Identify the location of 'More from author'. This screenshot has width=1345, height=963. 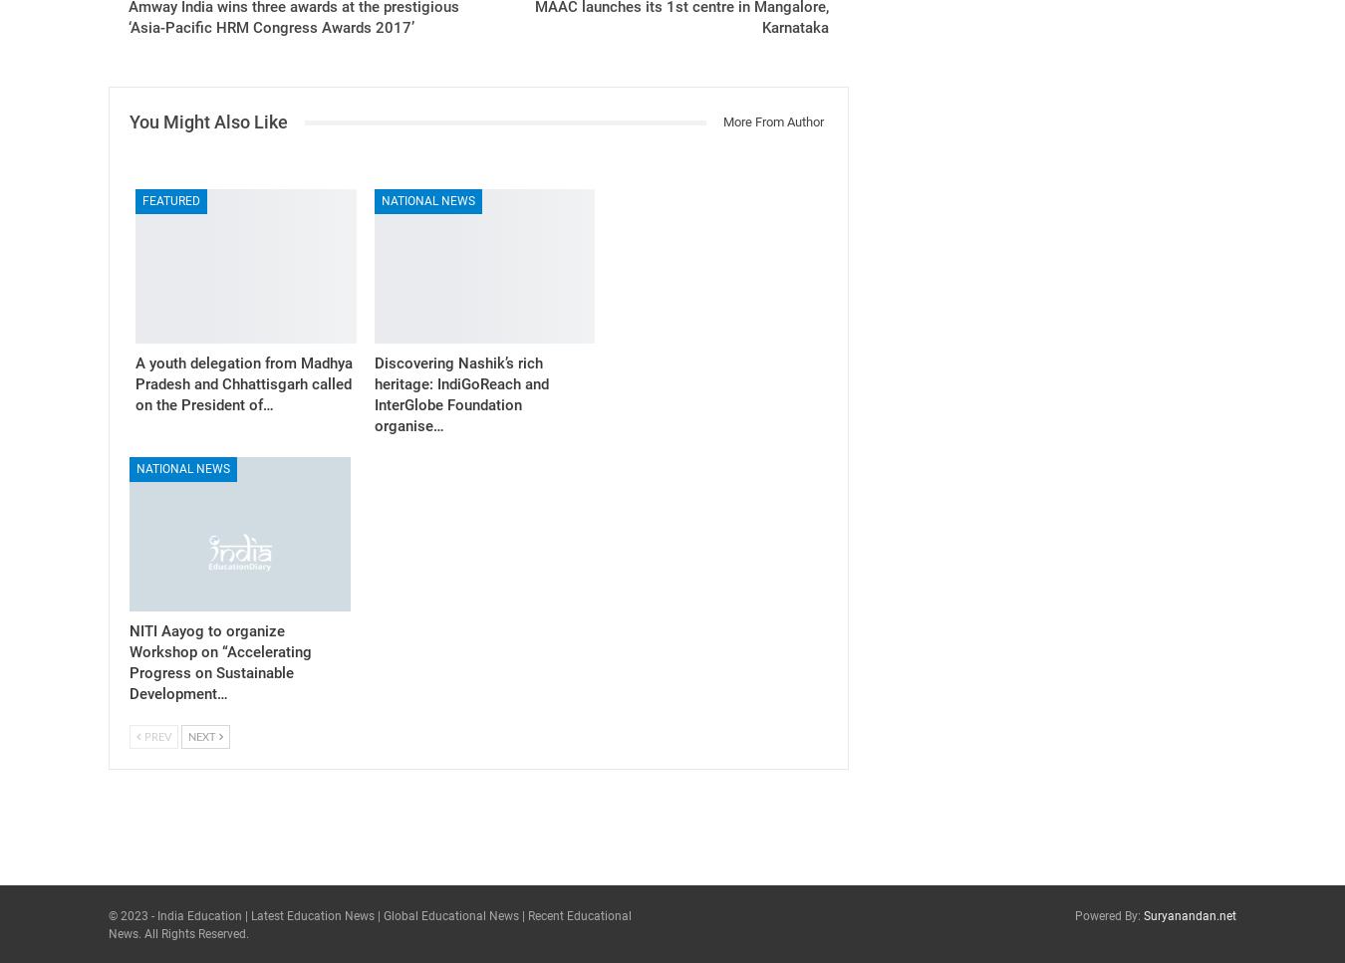
(771, 120).